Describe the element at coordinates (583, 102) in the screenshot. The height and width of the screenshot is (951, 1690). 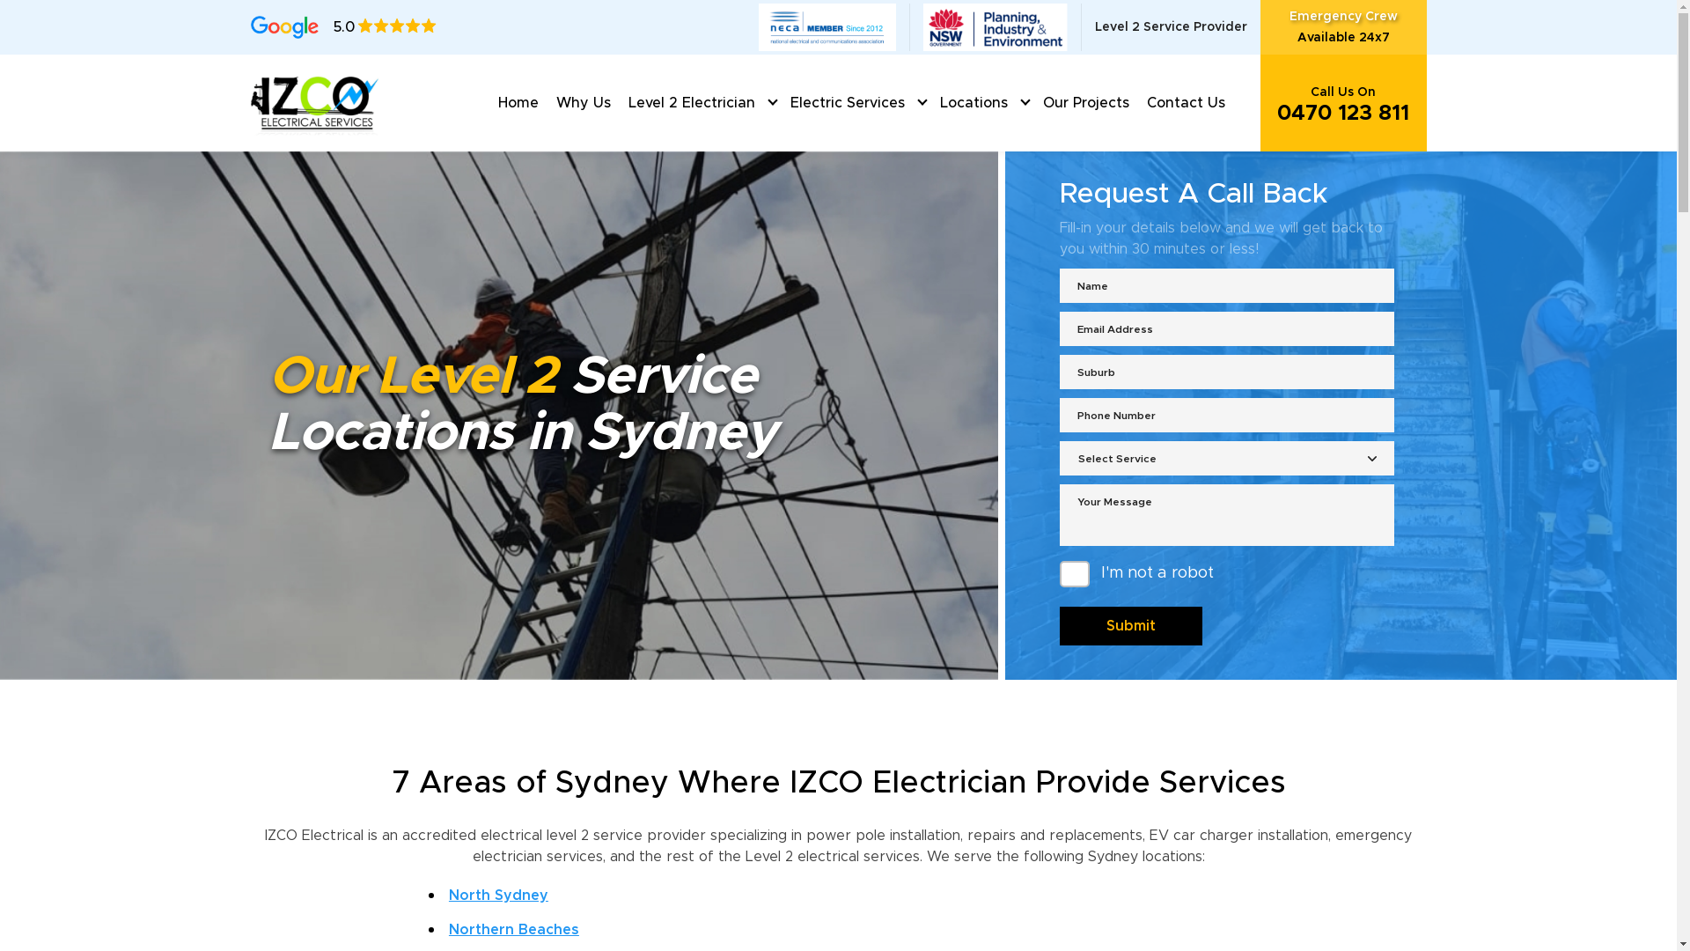
I see `'Why Us'` at that location.